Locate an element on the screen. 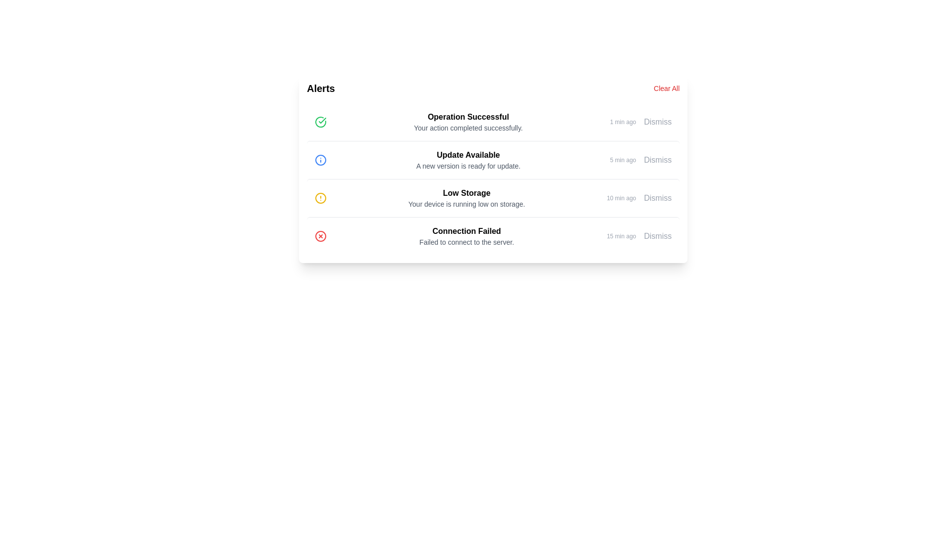 The width and height of the screenshot is (949, 534). the dismiss button located to the right of the message text 'Connection Failed' and adjacent to the timestamp '15 min ago' is located at coordinates (657, 236).